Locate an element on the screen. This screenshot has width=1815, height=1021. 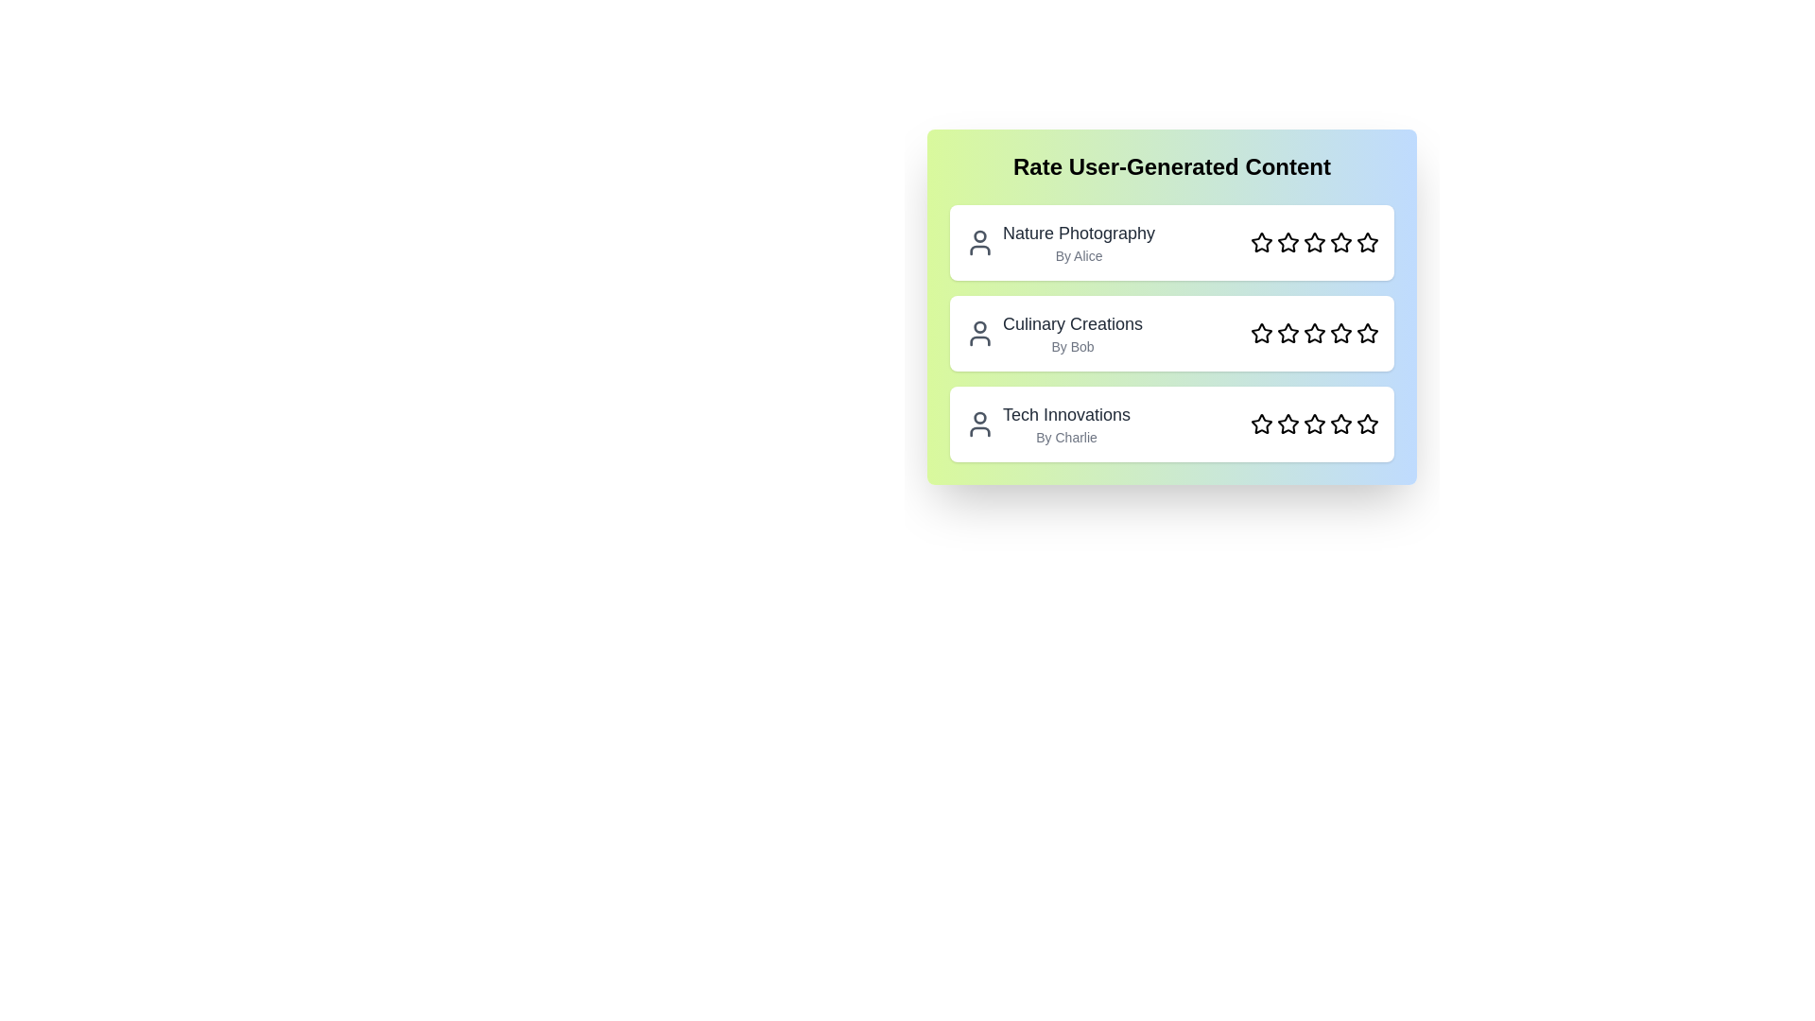
the star corresponding to the rating 5 for the content Culinary Creations is located at coordinates (1367, 333).